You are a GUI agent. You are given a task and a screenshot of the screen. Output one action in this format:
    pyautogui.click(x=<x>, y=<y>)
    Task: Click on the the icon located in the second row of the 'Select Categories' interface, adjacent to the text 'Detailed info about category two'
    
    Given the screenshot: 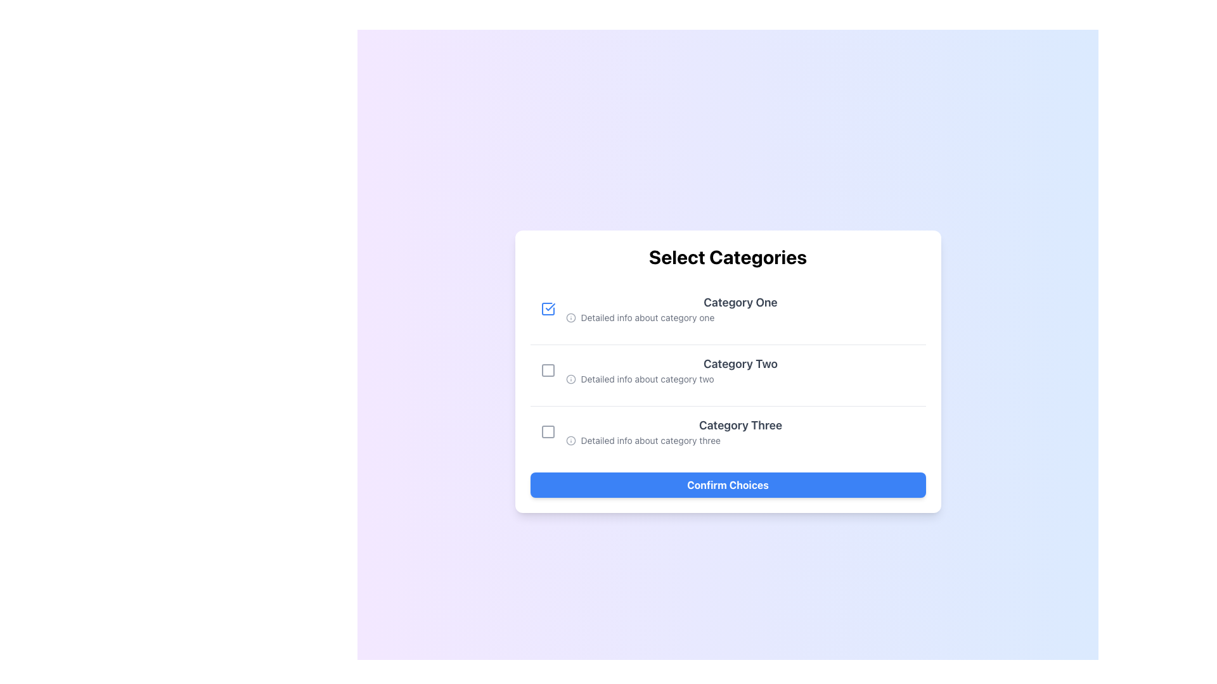 What is the action you would take?
    pyautogui.click(x=570, y=378)
    